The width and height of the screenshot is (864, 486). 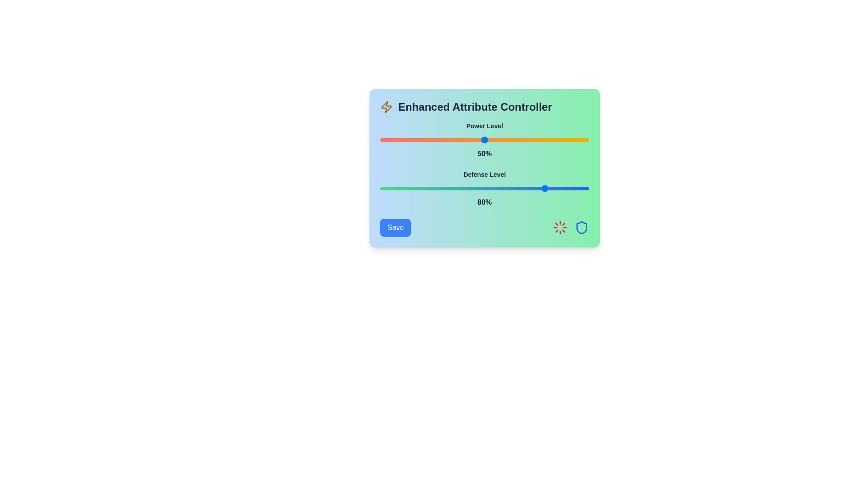 What do you see at coordinates (407, 140) in the screenshot?
I see `the Power Level slider to 13%` at bounding box center [407, 140].